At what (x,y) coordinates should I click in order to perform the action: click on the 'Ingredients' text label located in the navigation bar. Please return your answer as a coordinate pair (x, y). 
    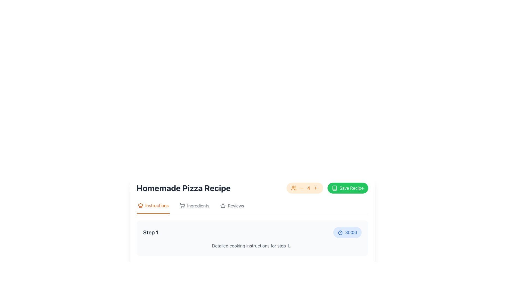
    Looking at the image, I should click on (198, 206).